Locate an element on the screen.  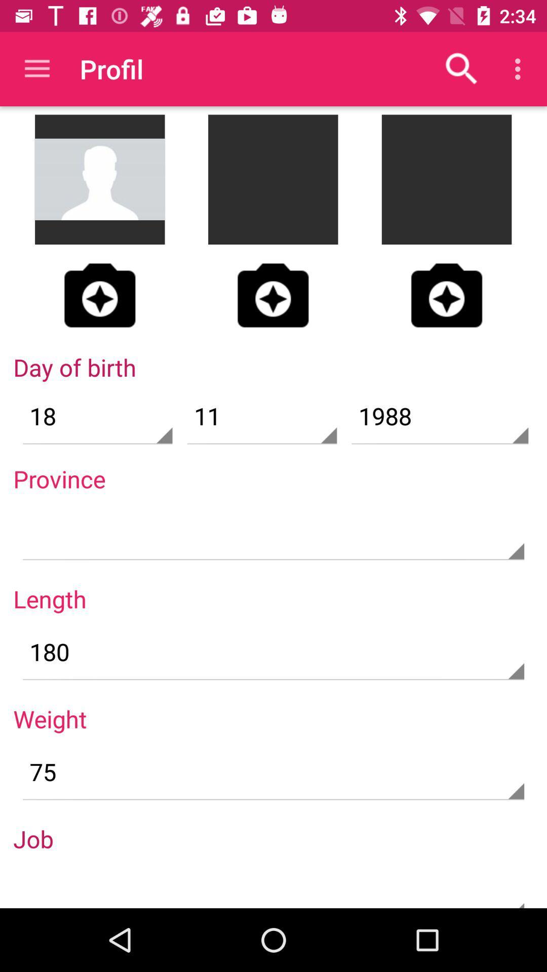
profile is located at coordinates (446, 295).